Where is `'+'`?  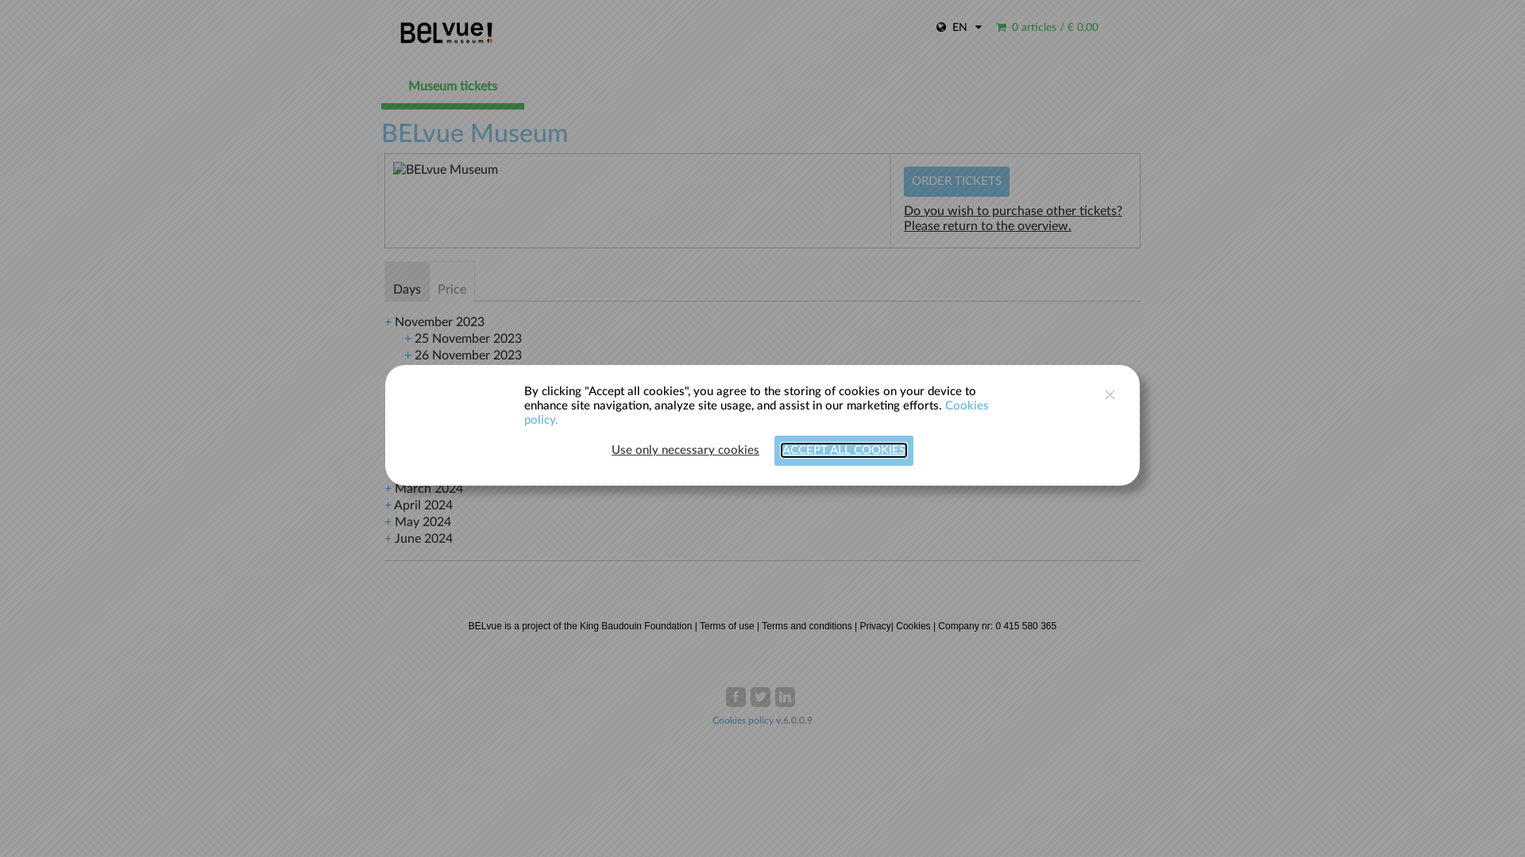 '+' is located at coordinates (407, 372).